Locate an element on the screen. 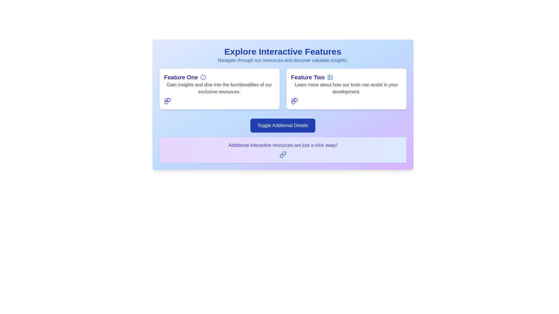 The height and width of the screenshot is (314, 559). the first vector graphic icon that symbolizes a hyperlink within the 'View Details' component, located below the 'Feature One' card is located at coordinates (168, 100).